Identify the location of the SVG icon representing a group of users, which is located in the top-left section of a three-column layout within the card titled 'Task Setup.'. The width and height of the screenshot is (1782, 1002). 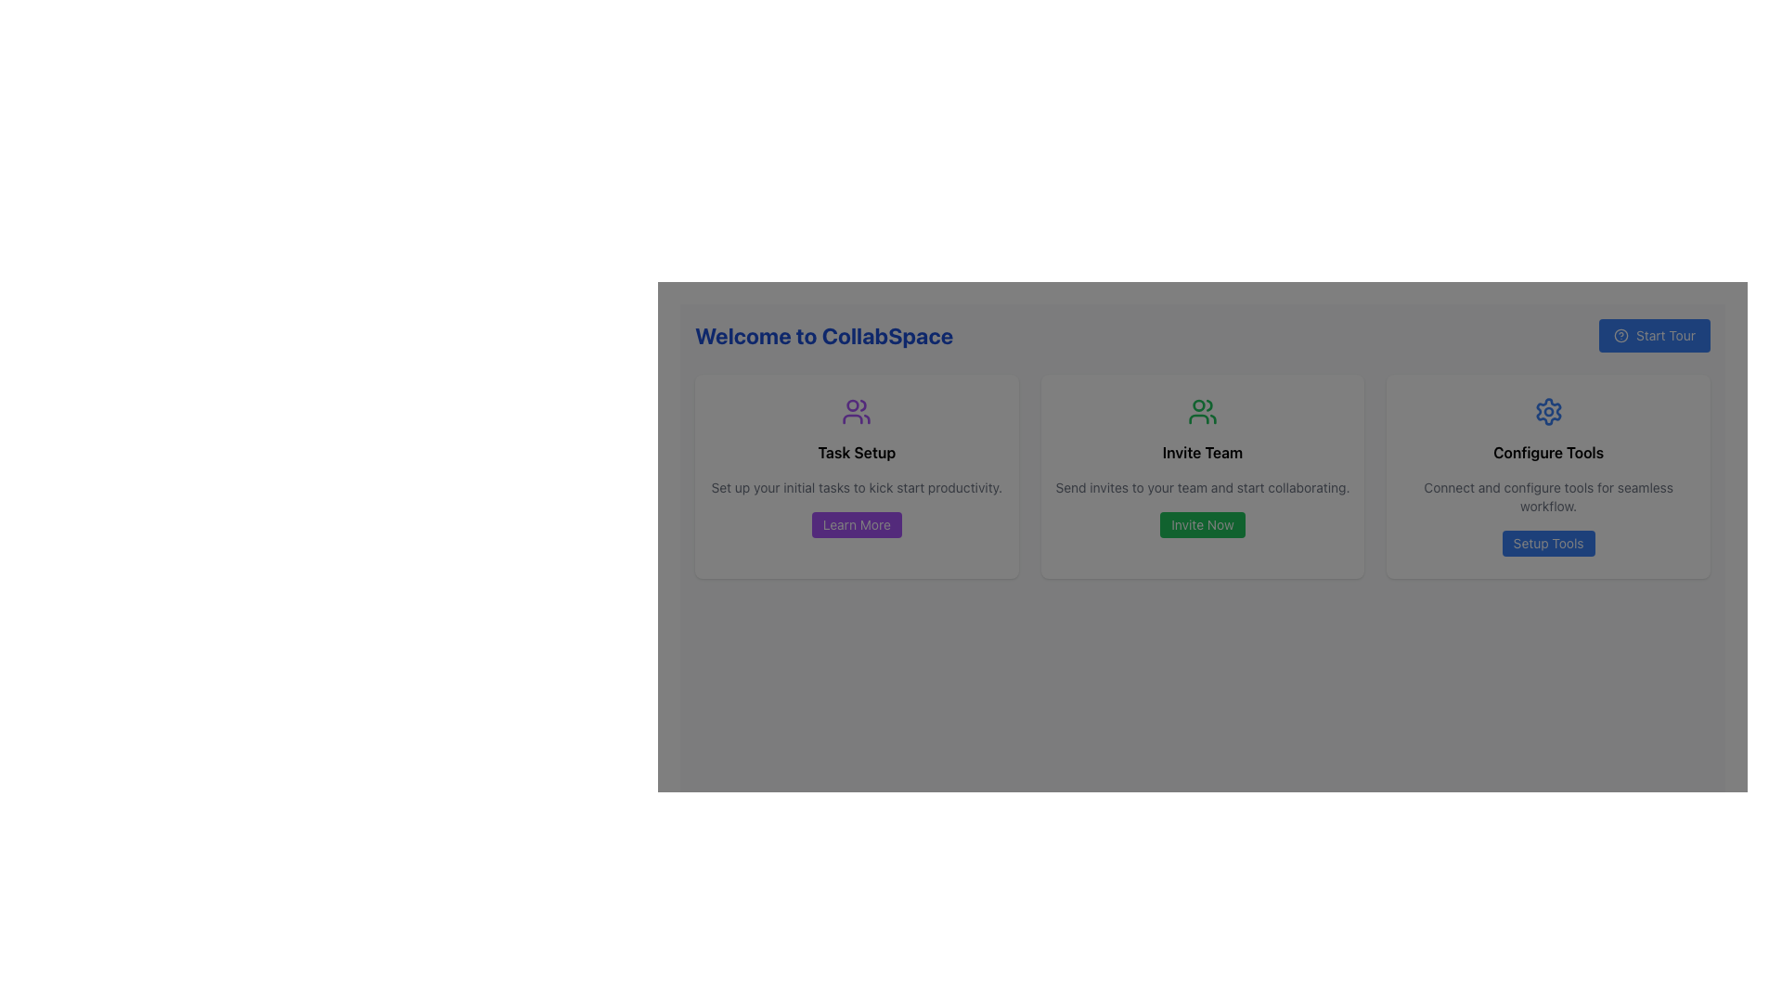
(856, 410).